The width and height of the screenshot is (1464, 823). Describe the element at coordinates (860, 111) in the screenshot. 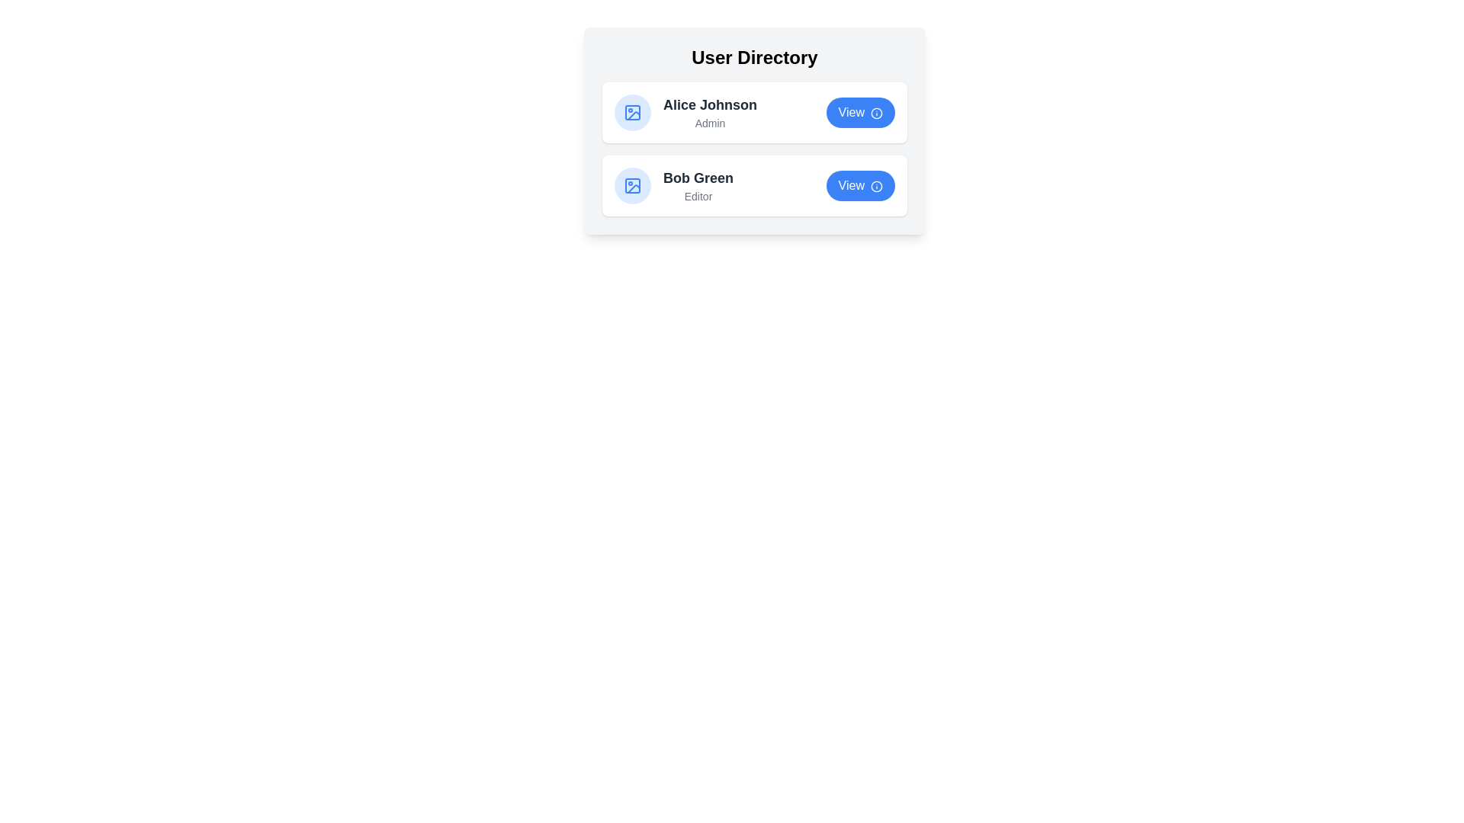

I see `'View' button for a user identified by Alice Johnson` at that location.